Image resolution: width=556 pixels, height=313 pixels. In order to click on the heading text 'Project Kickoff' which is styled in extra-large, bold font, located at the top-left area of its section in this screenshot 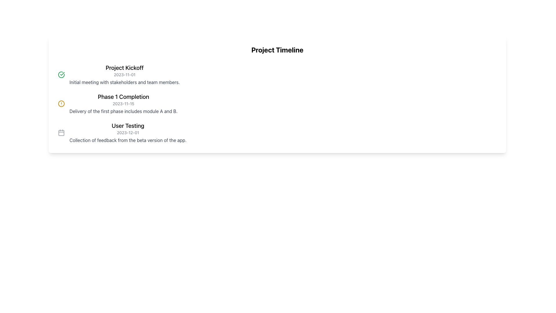, I will do `click(124, 68)`.